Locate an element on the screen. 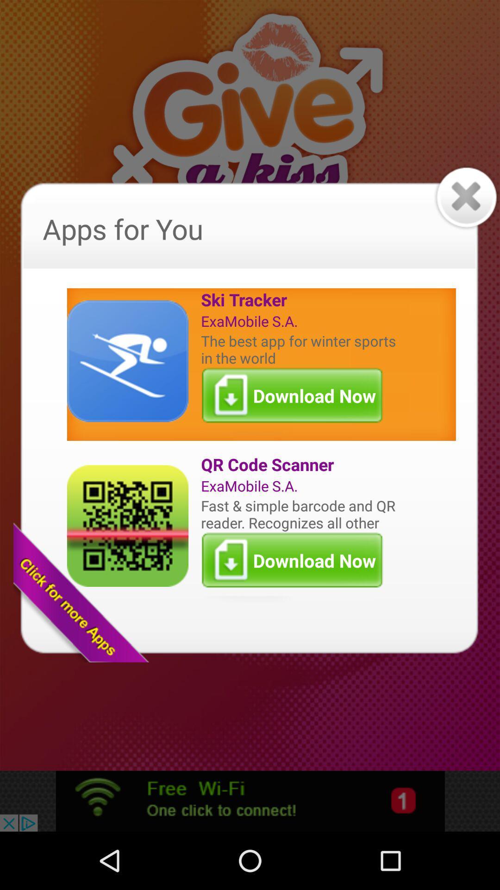 Image resolution: width=500 pixels, height=890 pixels. the close icon is located at coordinates (465, 211).